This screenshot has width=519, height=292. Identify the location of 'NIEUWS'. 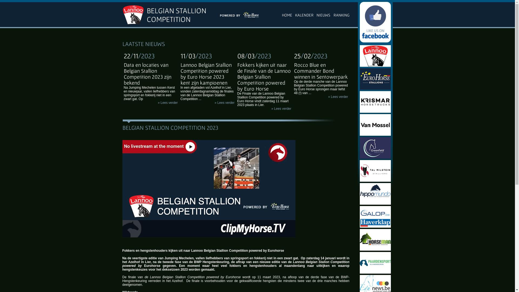
(317, 14).